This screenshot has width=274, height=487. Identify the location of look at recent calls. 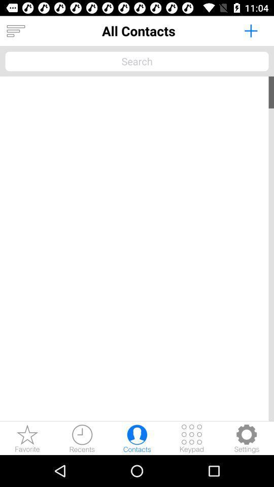
(82, 438).